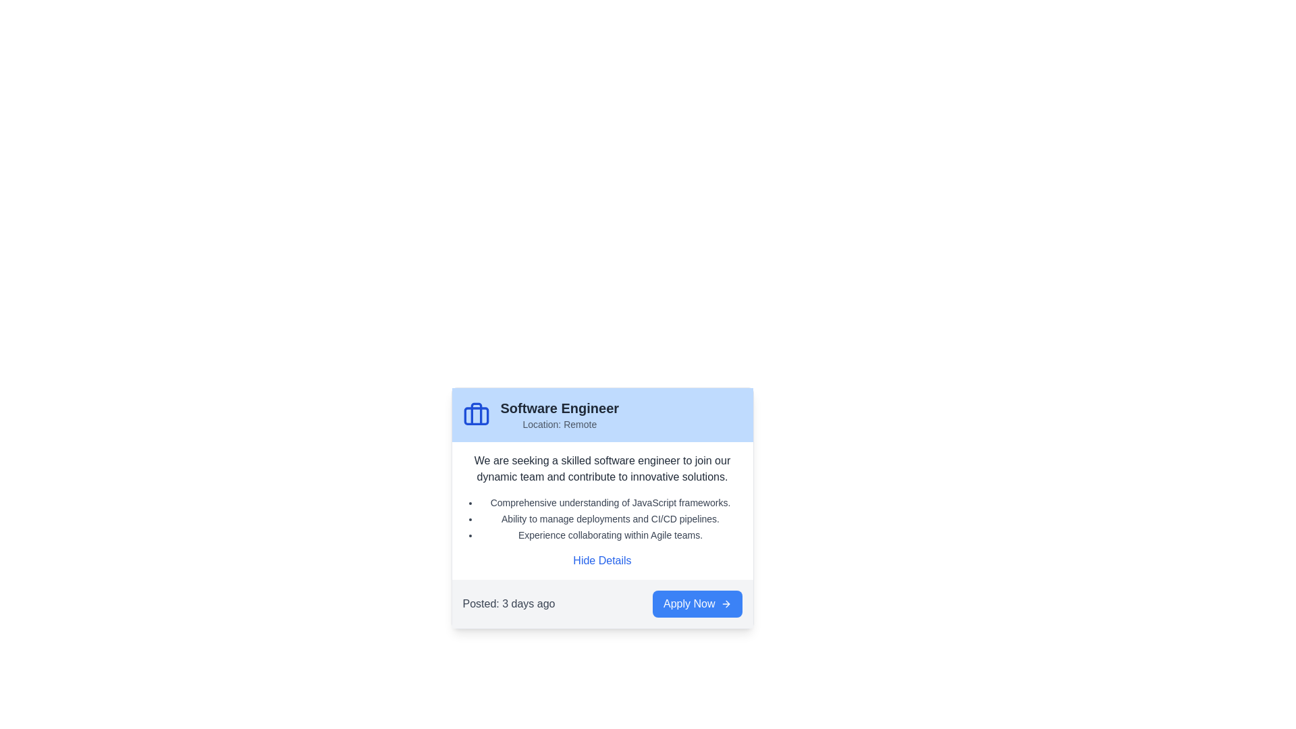  What do you see at coordinates (508, 603) in the screenshot?
I see `temporal information text label indicating that the event occurred three days ago, located at the bottom left corner of the card component, adjacent to the 'Apply Now' button` at bounding box center [508, 603].